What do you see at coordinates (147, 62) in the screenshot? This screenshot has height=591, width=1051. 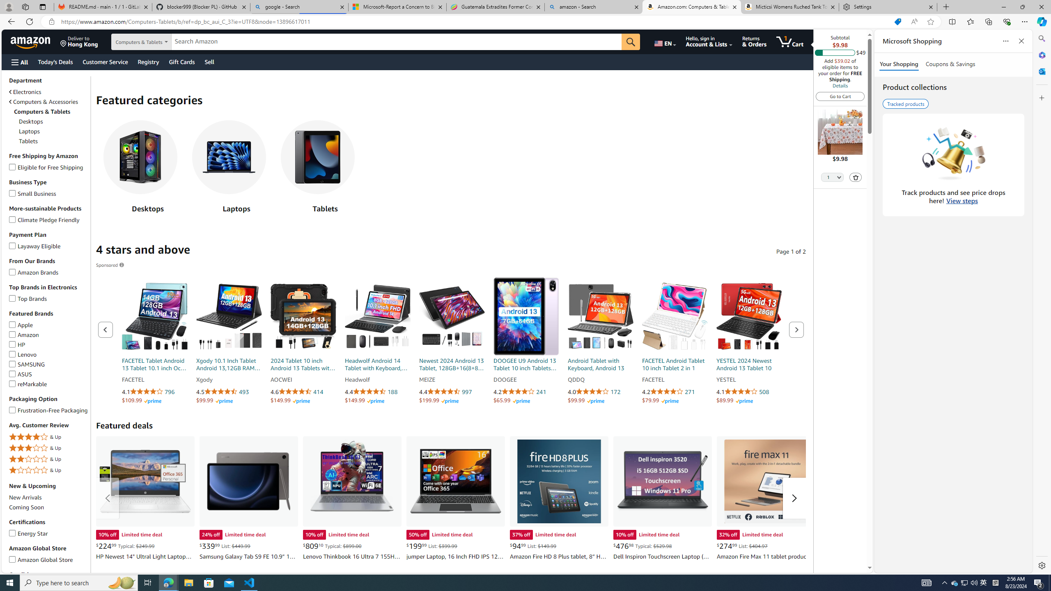 I see `'Registry'` at bounding box center [147, 62].